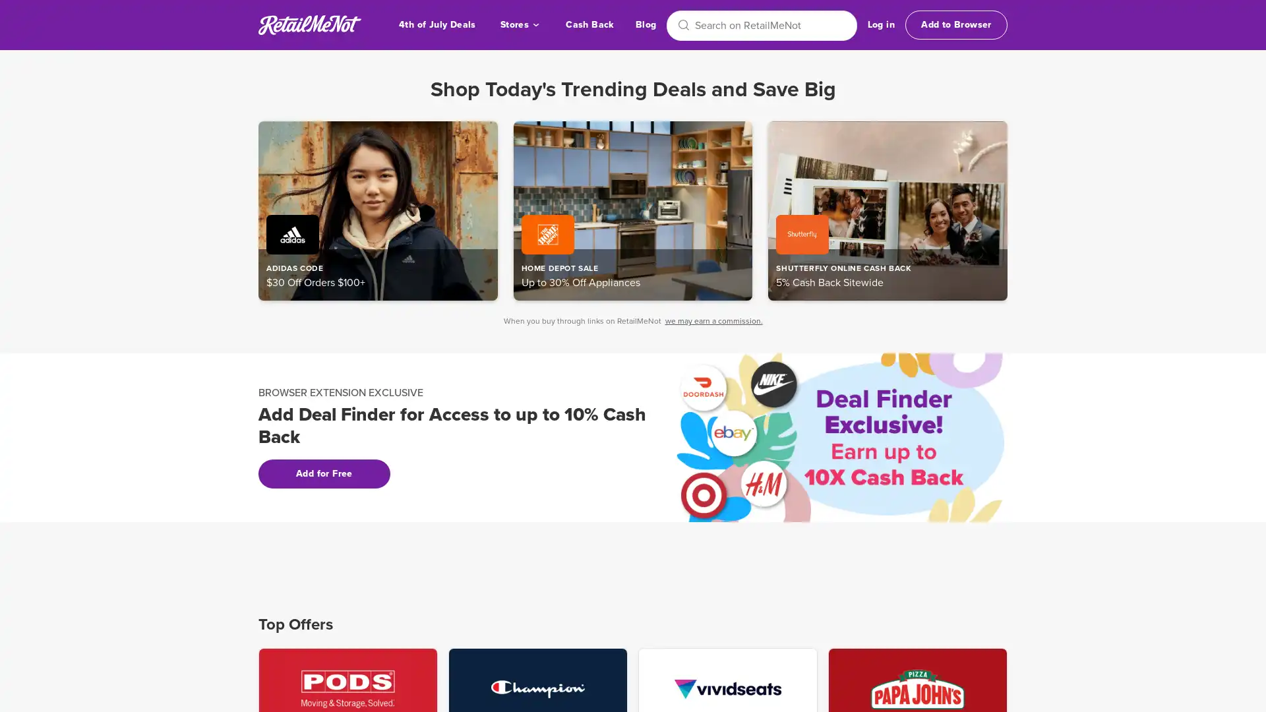 The image size is (1266, 712). What do you see at coordinates (520, 25) in the screenshot?
I see `Stores` at bounding box center [520, 25].